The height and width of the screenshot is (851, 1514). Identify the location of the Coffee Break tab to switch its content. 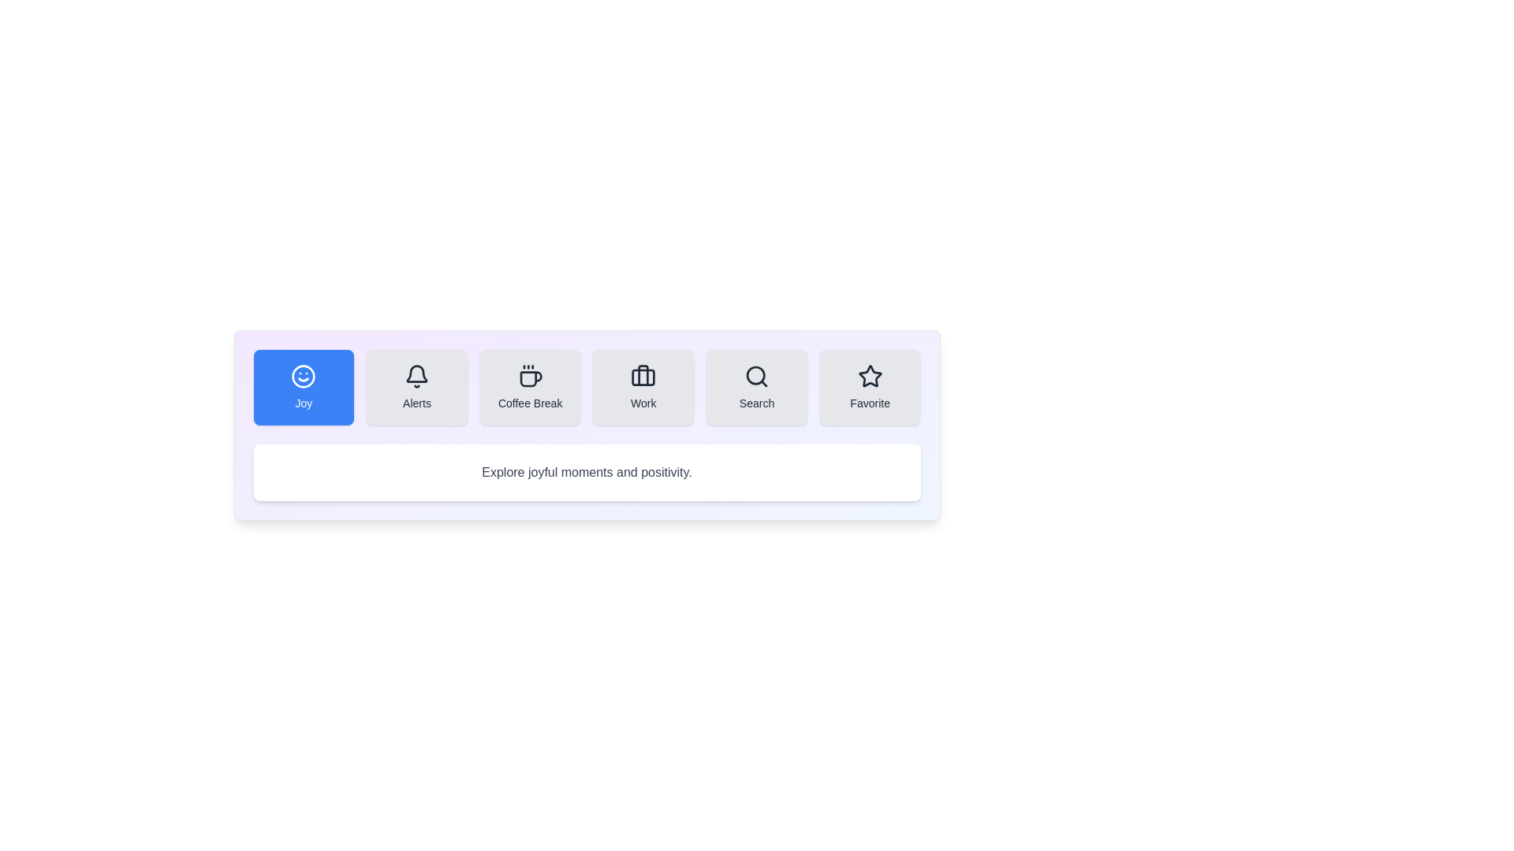
(530, 388).